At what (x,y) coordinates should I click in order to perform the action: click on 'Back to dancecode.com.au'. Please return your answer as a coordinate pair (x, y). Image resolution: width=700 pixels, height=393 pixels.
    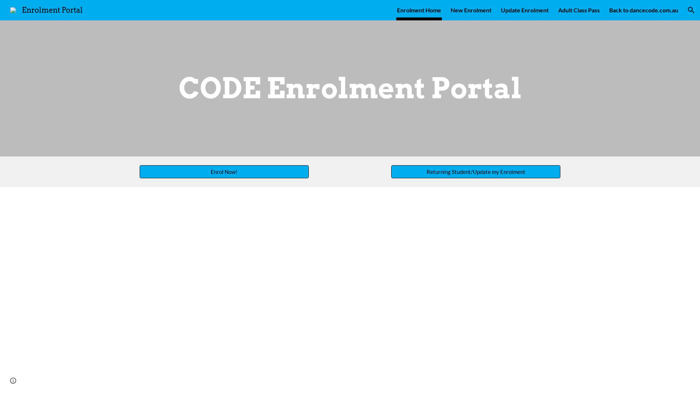
    Looking at the image, I should click on (643, 10).